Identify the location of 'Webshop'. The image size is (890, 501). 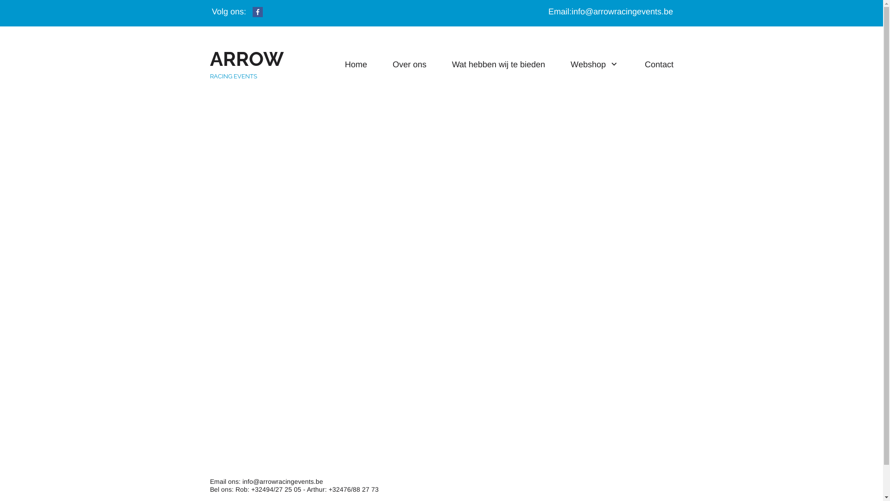
(594, 64).